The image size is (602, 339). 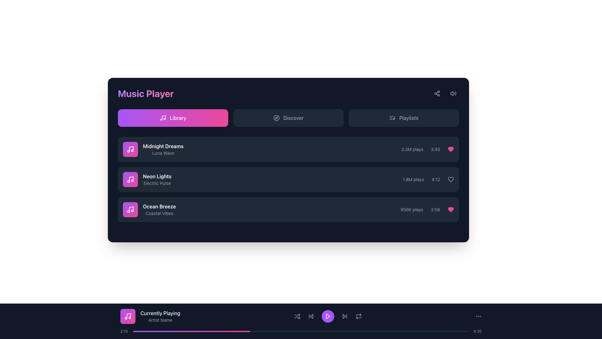 I want to click on the static informational component displaying song and artist metadata, which shows 'Currently Playing' and 'Artist Name' at the bottom of the music player interface, so click(x=301, y=316).